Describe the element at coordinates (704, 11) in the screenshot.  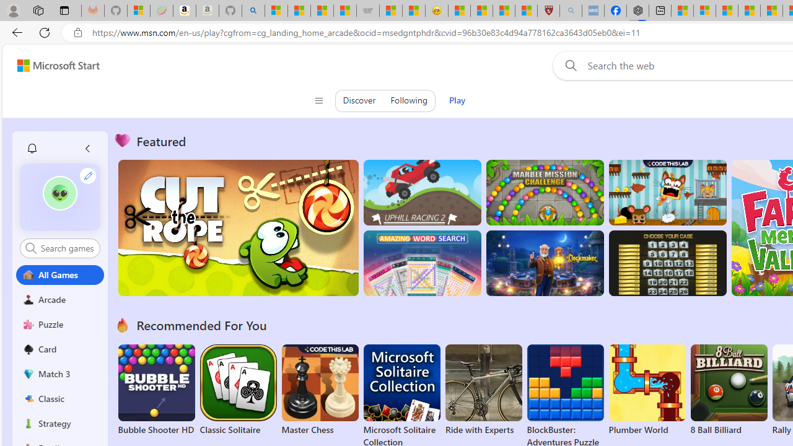
I see `'Microsoft account | Privacy'` at that location.